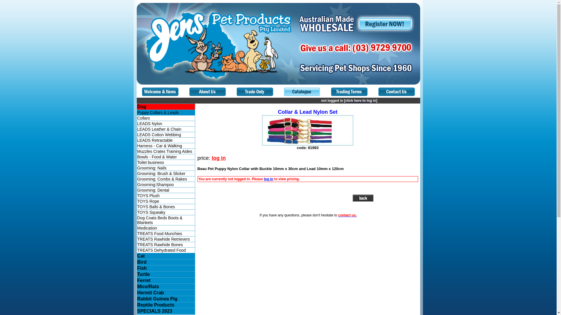 The height and width of the screenshot is (315, 561). What do you see at coordinates (162, 178) in the screenshot?
I see `'Grooming: Combs & Rakes'` at bounding box center [162, 178].